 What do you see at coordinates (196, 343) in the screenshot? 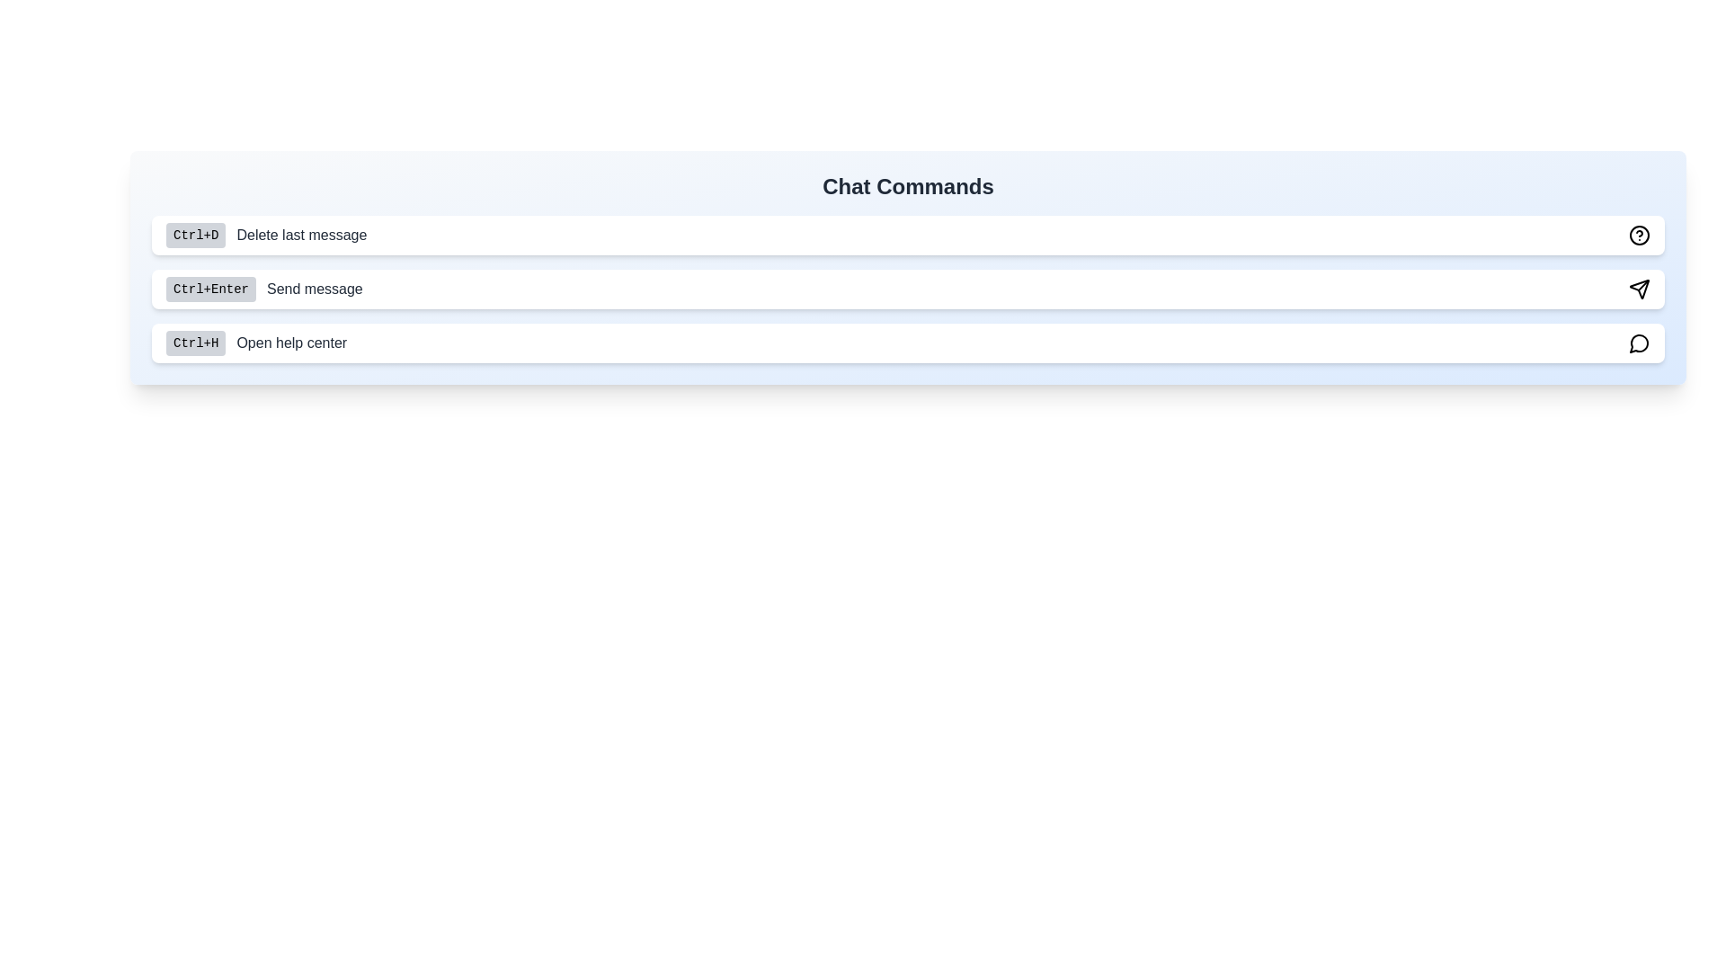
I see `the Keyboard shortcut label indicating 'Ctrl+H', which is positioned left of the 'Open help center' text in the third row of the vertical list` at bounding box center [196, 343].